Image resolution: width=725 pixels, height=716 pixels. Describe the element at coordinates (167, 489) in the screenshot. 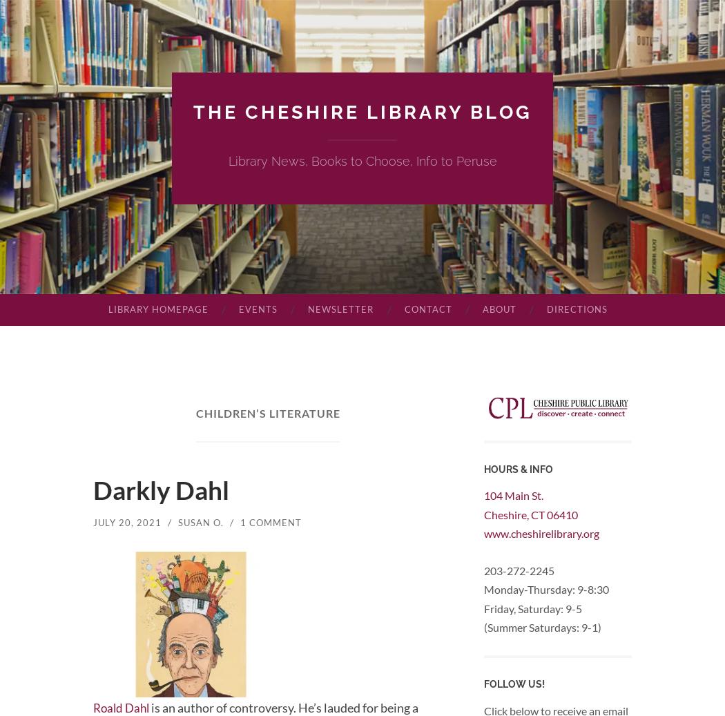

I see `'Darkly Dahl'` at that location.